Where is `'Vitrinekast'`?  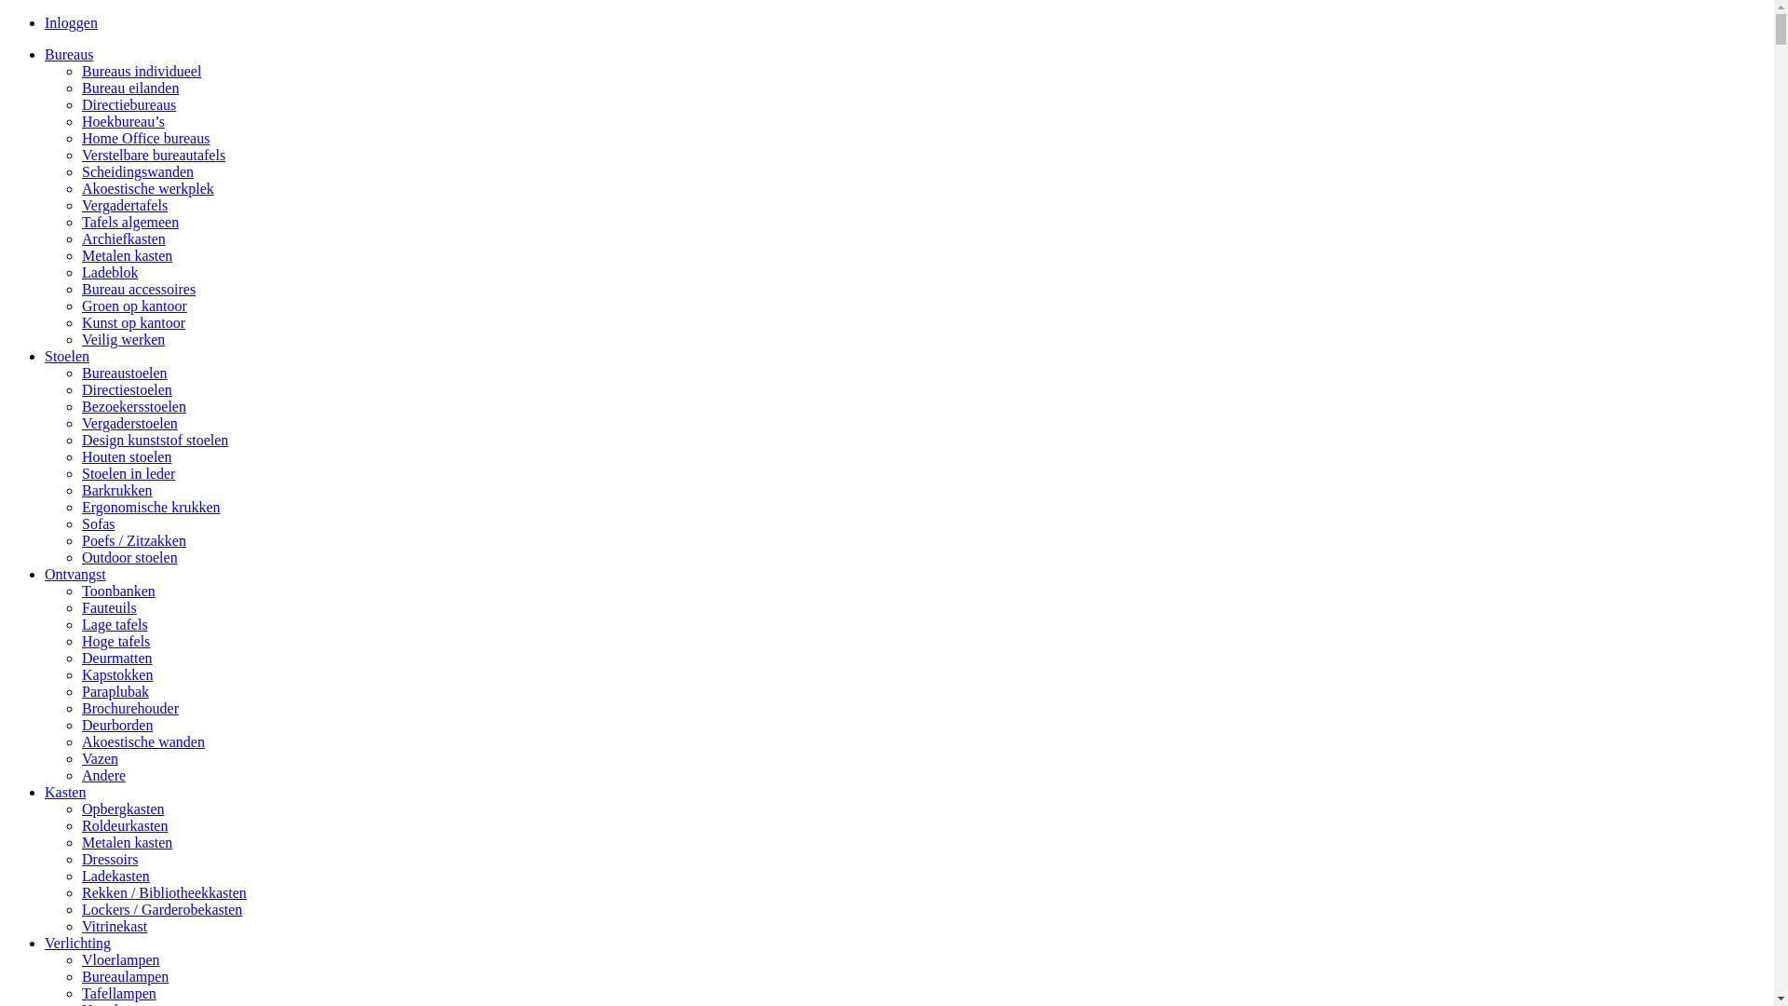
'Vitrinekast' is located at coordinates (114, 926).